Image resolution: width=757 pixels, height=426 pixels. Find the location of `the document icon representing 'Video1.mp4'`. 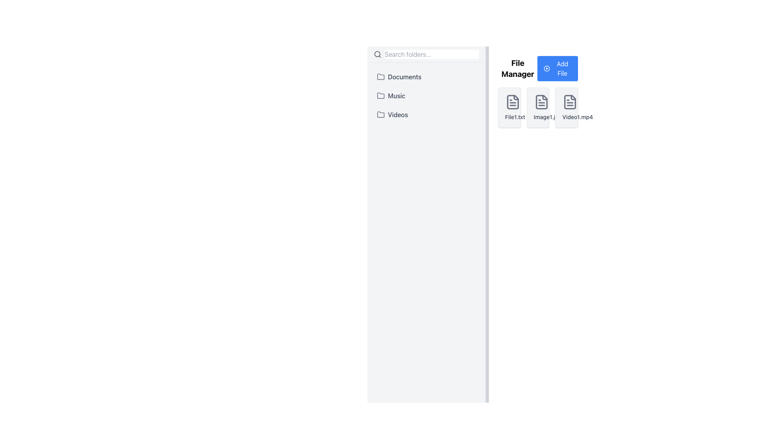

the document icon representing 'Video1.mp4' is located at coordinates (570, 101).